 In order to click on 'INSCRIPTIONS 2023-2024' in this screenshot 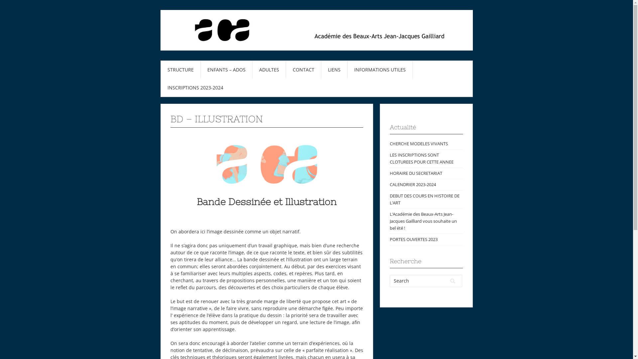, I will do `click(195, 87)`.